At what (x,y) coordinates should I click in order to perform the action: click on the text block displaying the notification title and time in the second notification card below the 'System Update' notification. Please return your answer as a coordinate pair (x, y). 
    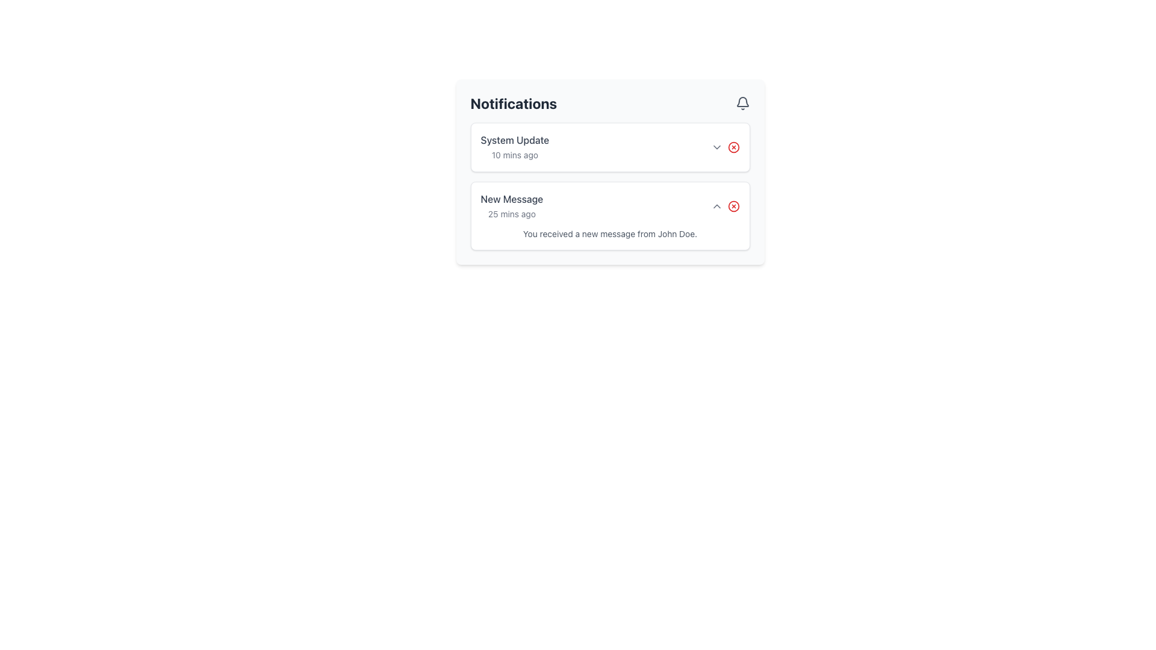
    Looking at the image, I should click on (512, 206).